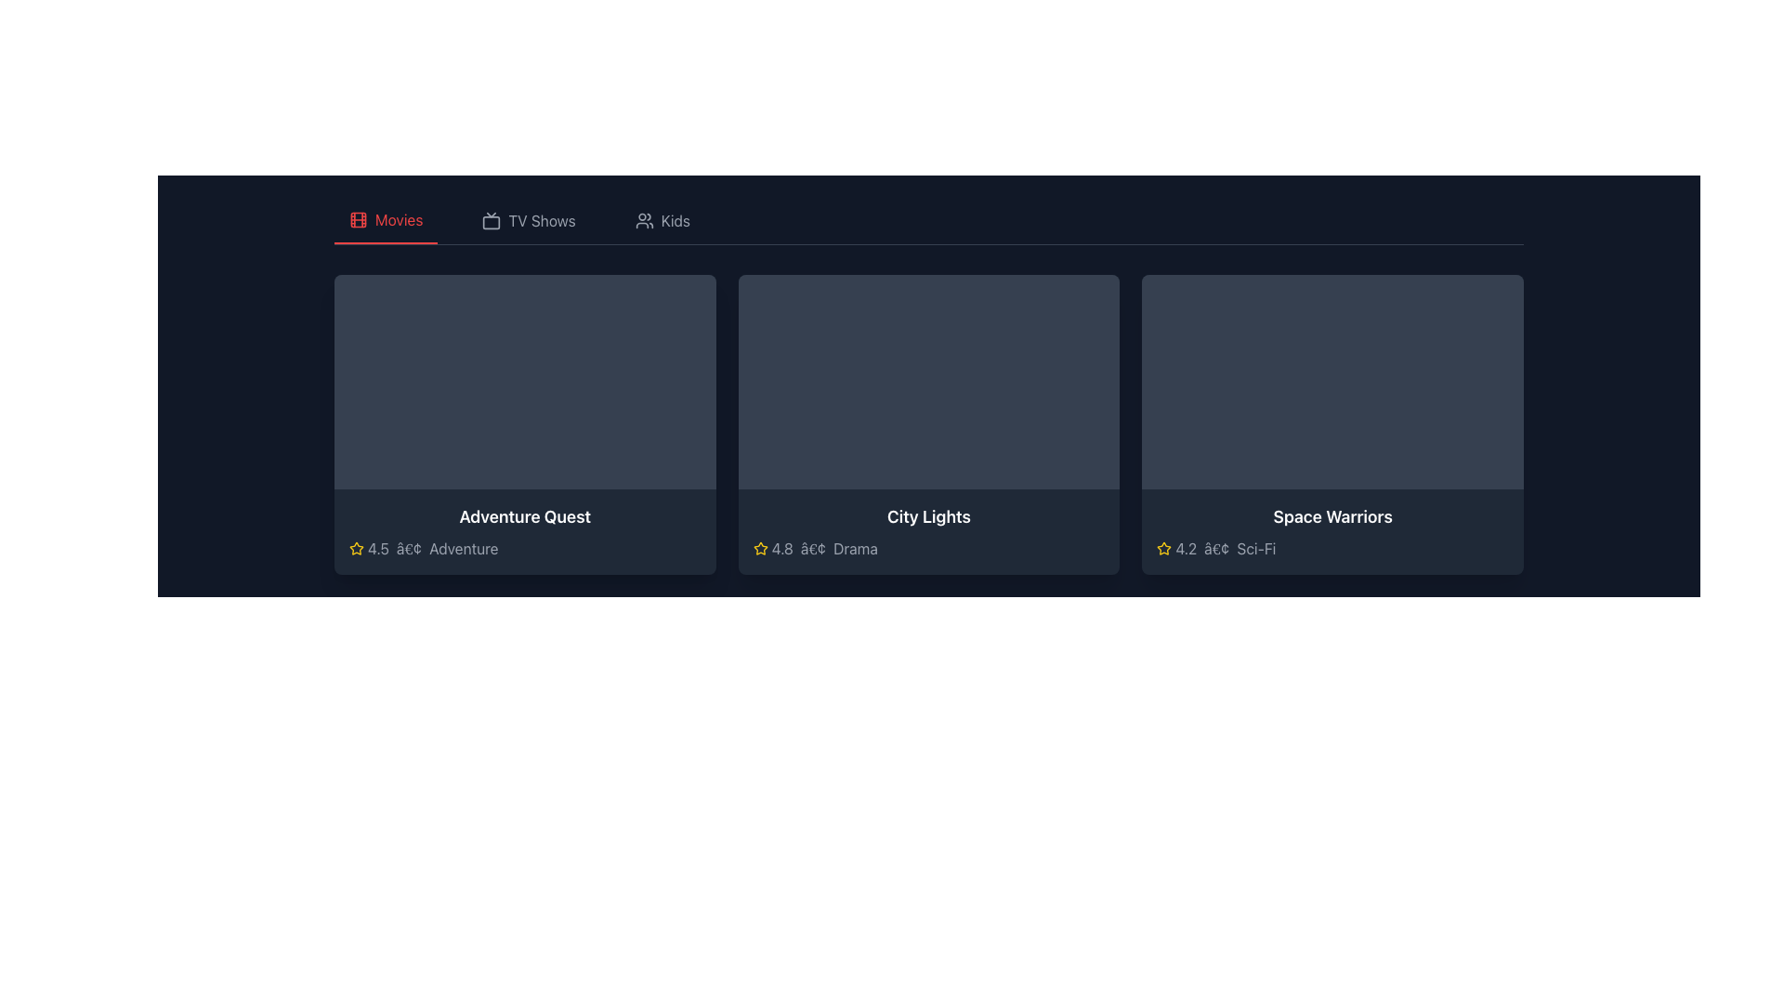 The image size is (1784, 1003). What do you see at coordinates (358, 218) in the screenshot?
I see `the media icon visually located` at bounding box center [358, 218].